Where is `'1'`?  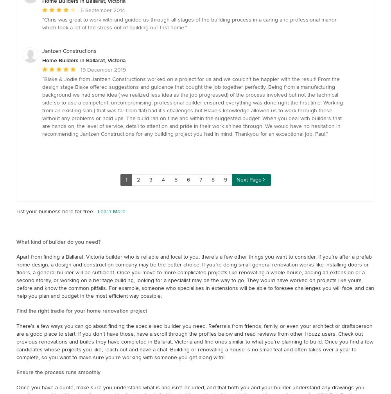
'1' is located at coordinates (126, 179).